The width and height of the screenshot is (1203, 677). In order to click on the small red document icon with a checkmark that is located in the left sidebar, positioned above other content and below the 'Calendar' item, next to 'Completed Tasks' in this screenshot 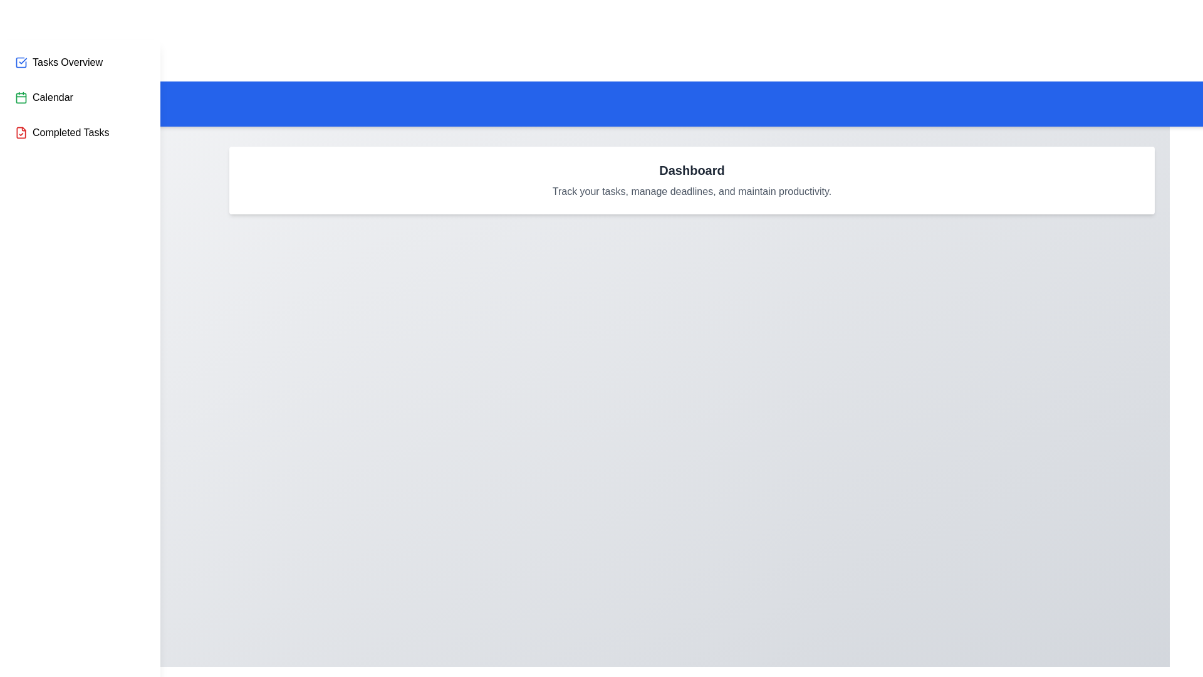, I will do `click(21, 133)`.